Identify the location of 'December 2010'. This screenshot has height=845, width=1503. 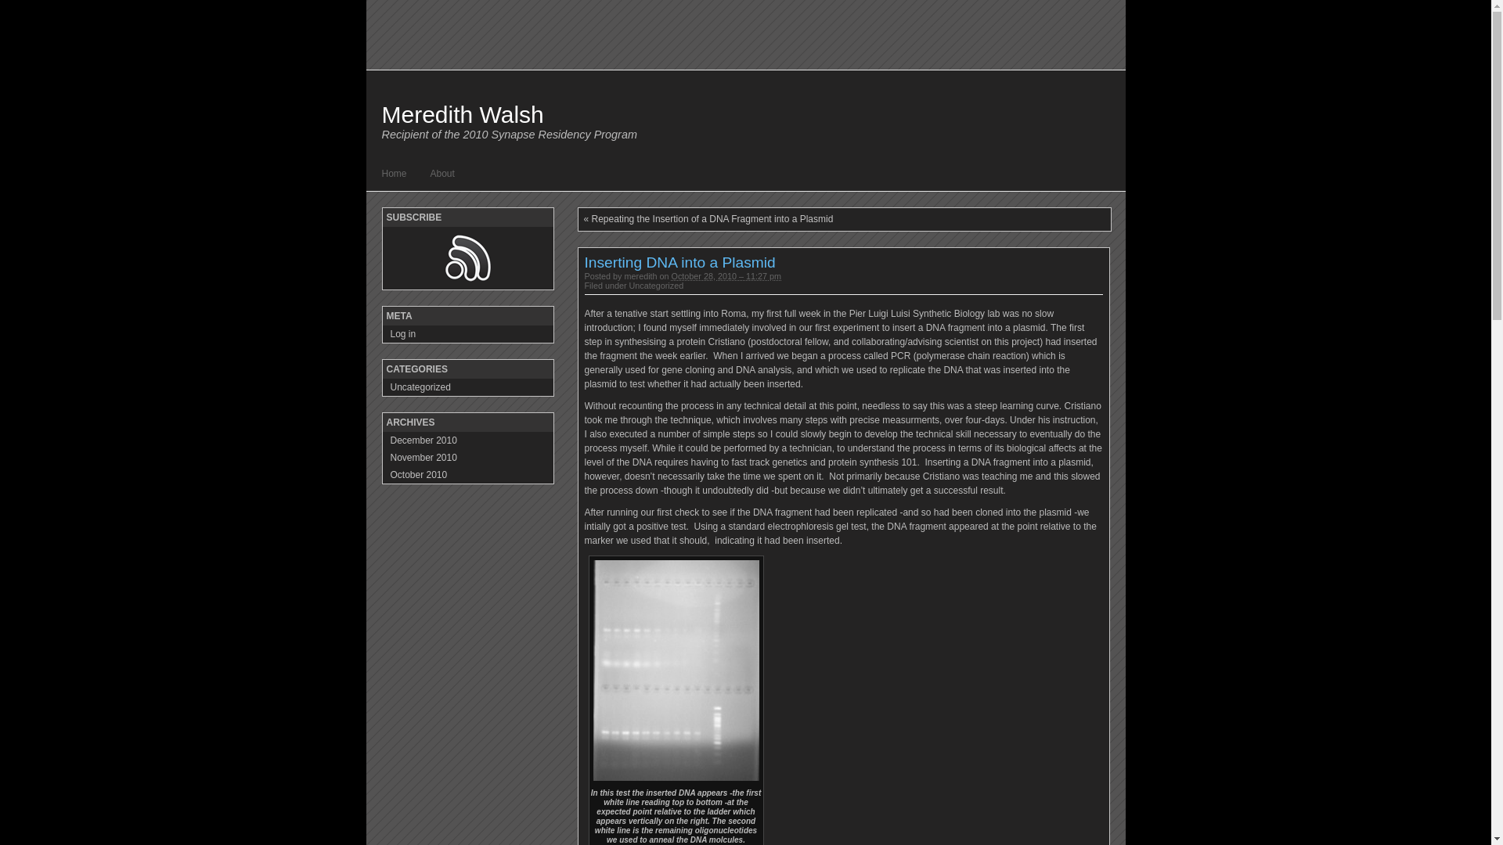
(466, 440).